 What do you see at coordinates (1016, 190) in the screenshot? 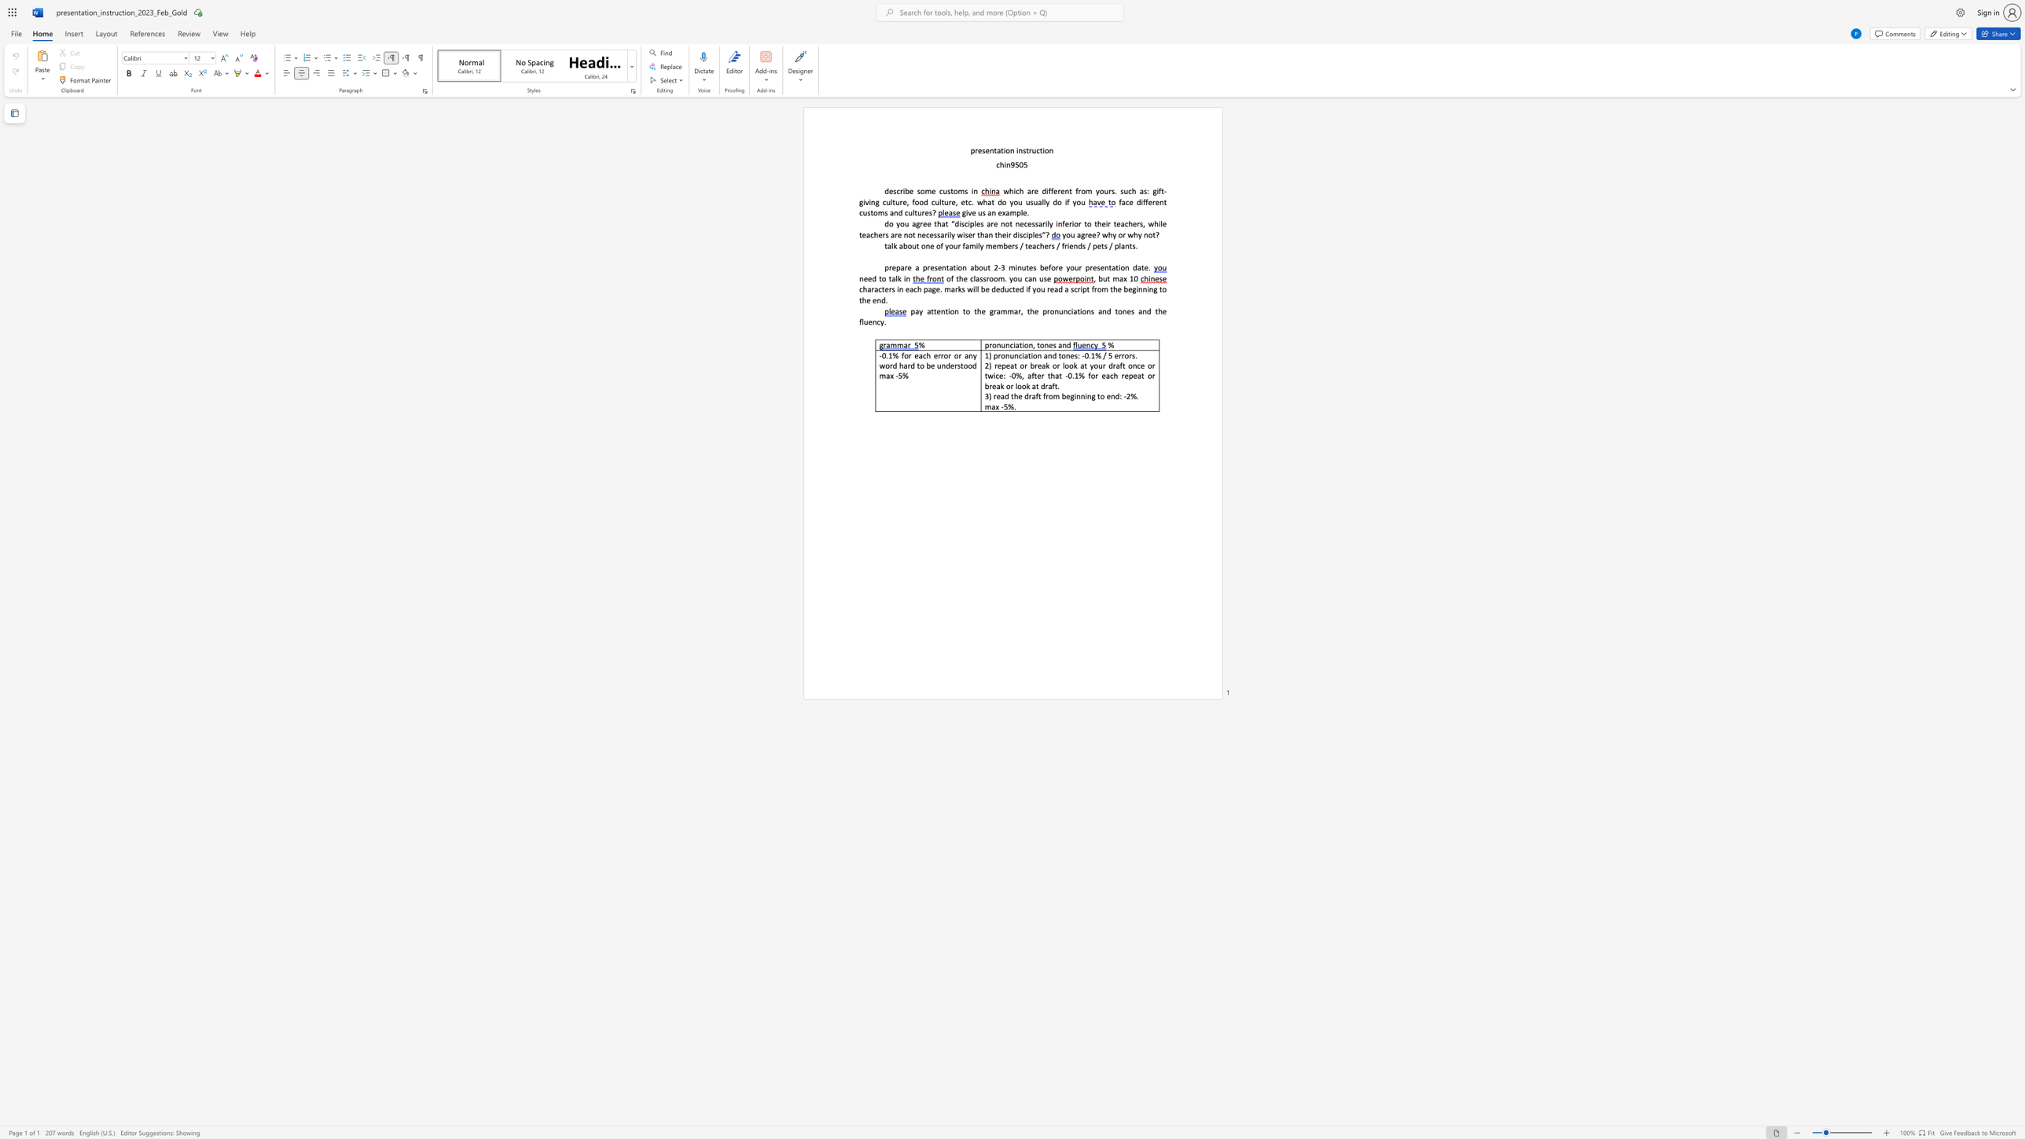
I see `the subset text "ch are different f" within the text "which are different from yours."` at bounding box center [1016, 190].